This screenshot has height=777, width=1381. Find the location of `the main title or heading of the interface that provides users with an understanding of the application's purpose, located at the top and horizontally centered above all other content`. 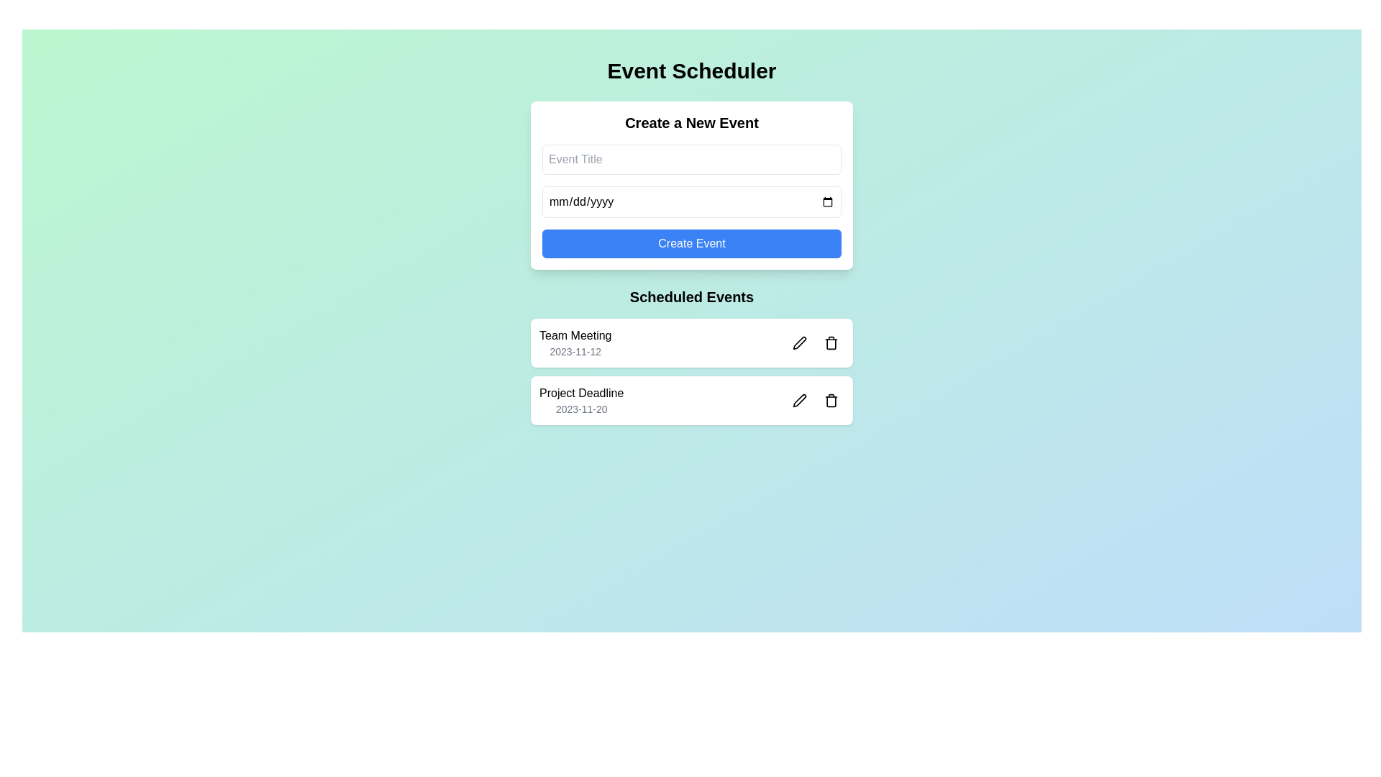

the main title or heading of the interface that provides users with an understanding of the application's purpose, located at the top and horizontally centered above all other content is located at coordinates (691, 71).